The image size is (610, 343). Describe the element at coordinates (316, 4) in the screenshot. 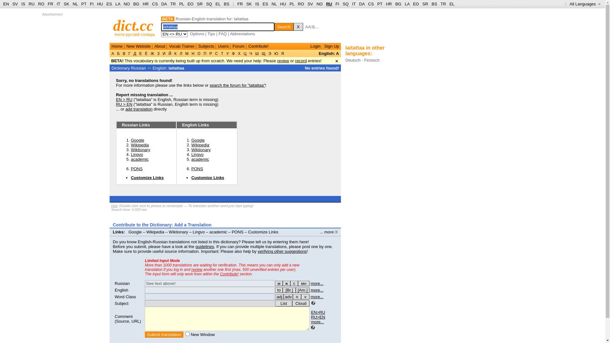

I see `'NO'` at that location.